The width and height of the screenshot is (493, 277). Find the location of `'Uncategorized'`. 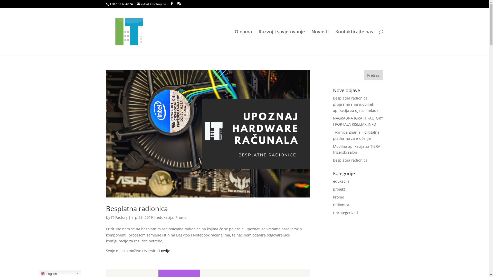

'Uncategorized' is located at coordinates (345, 213).